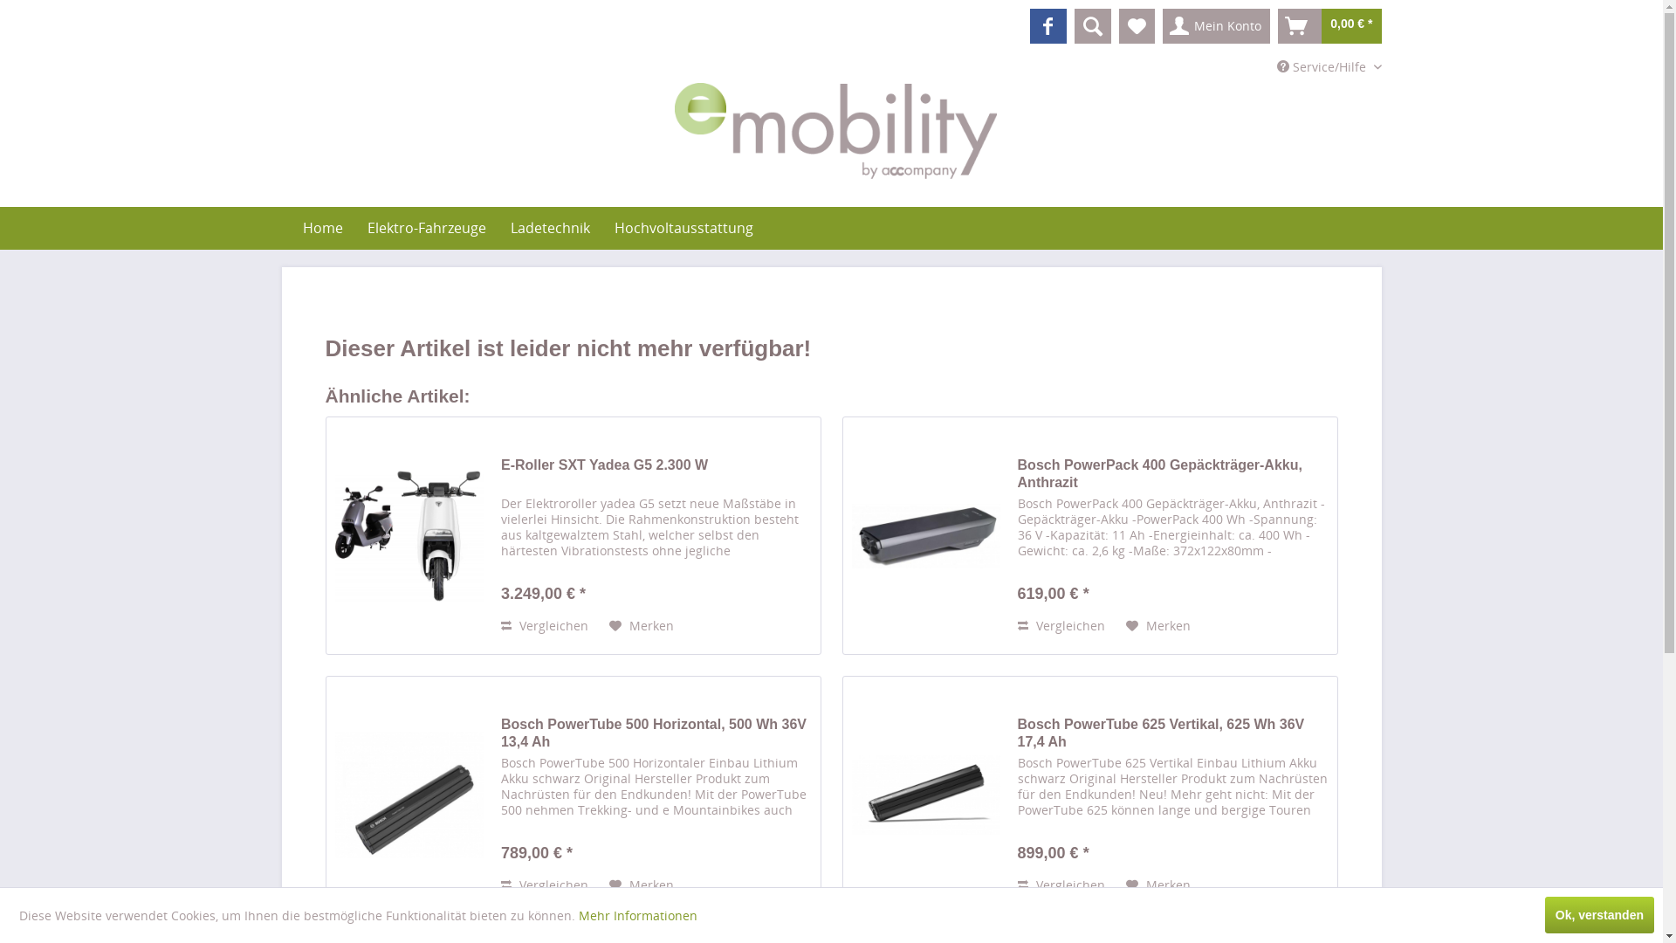 The image size is (1676, 943). Describe the element at coordinates (1157, 885) in the screenshot. I see `'Merken'` at that location.